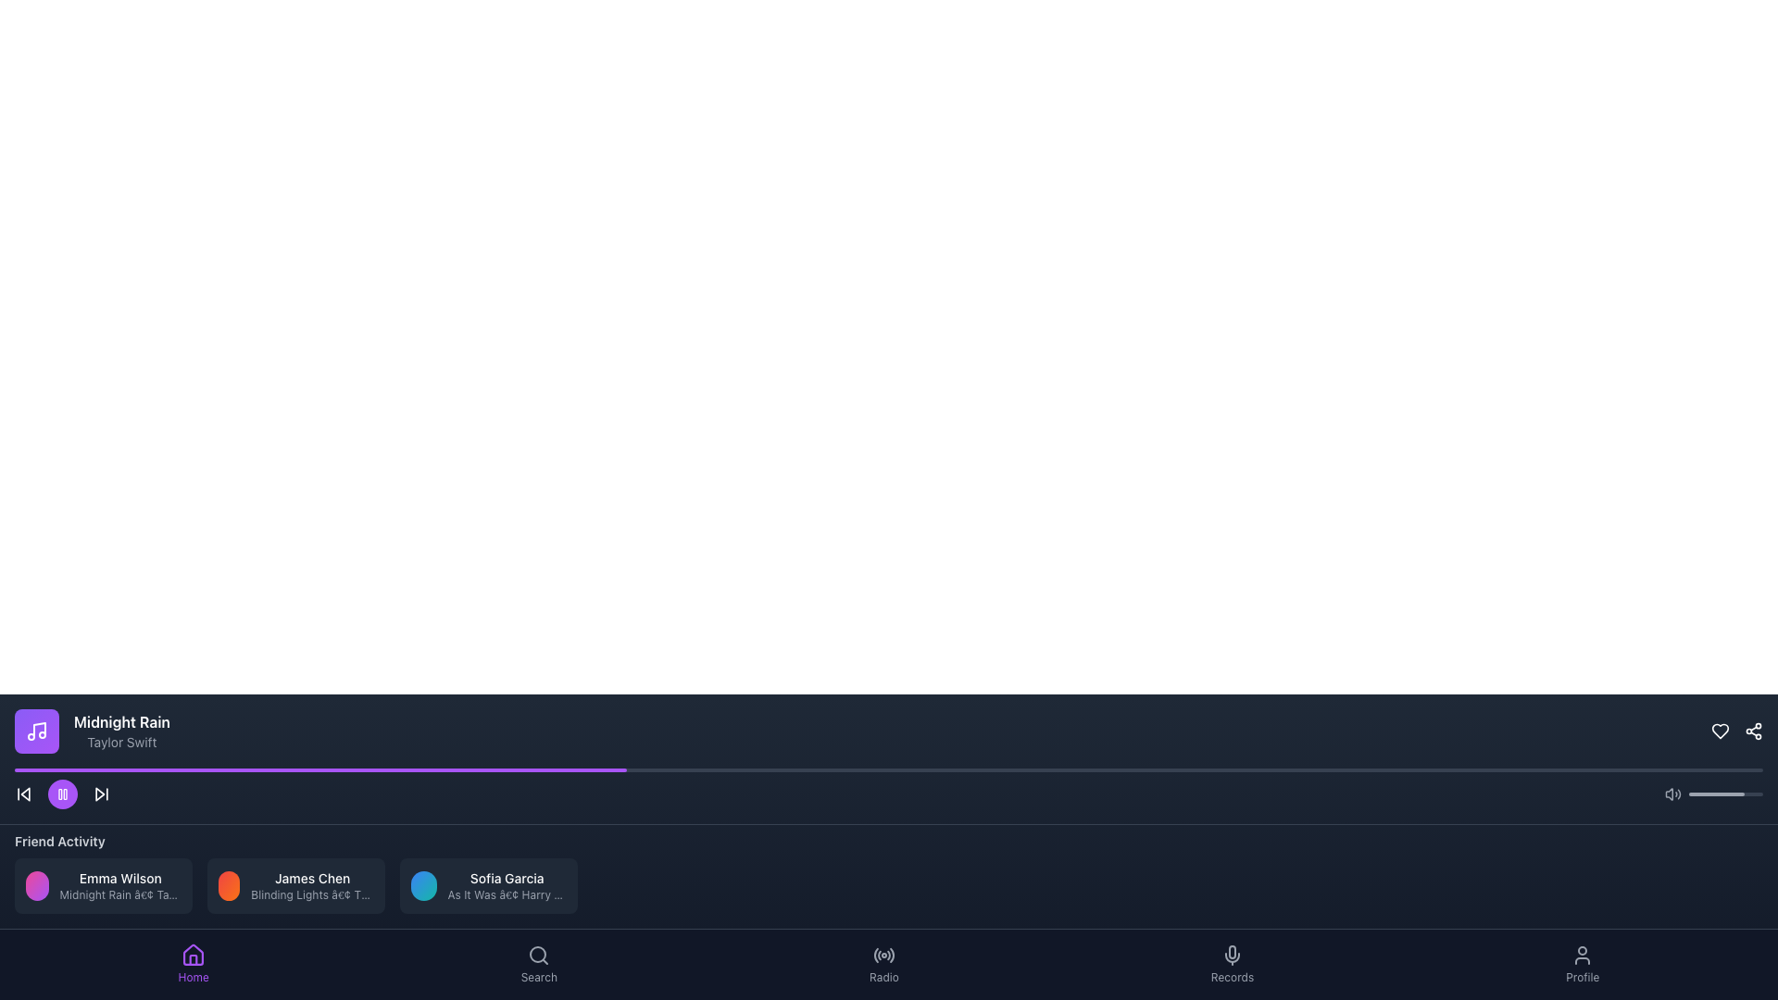 This screenshot has width=1778, height=1000. I want to click on the progress bar, so click(320, 770).